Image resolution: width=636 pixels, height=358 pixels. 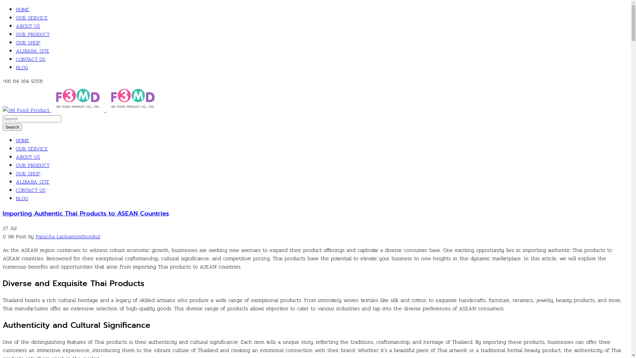 I want to click on 'OUR SHOP', so click(x=28, y=173).